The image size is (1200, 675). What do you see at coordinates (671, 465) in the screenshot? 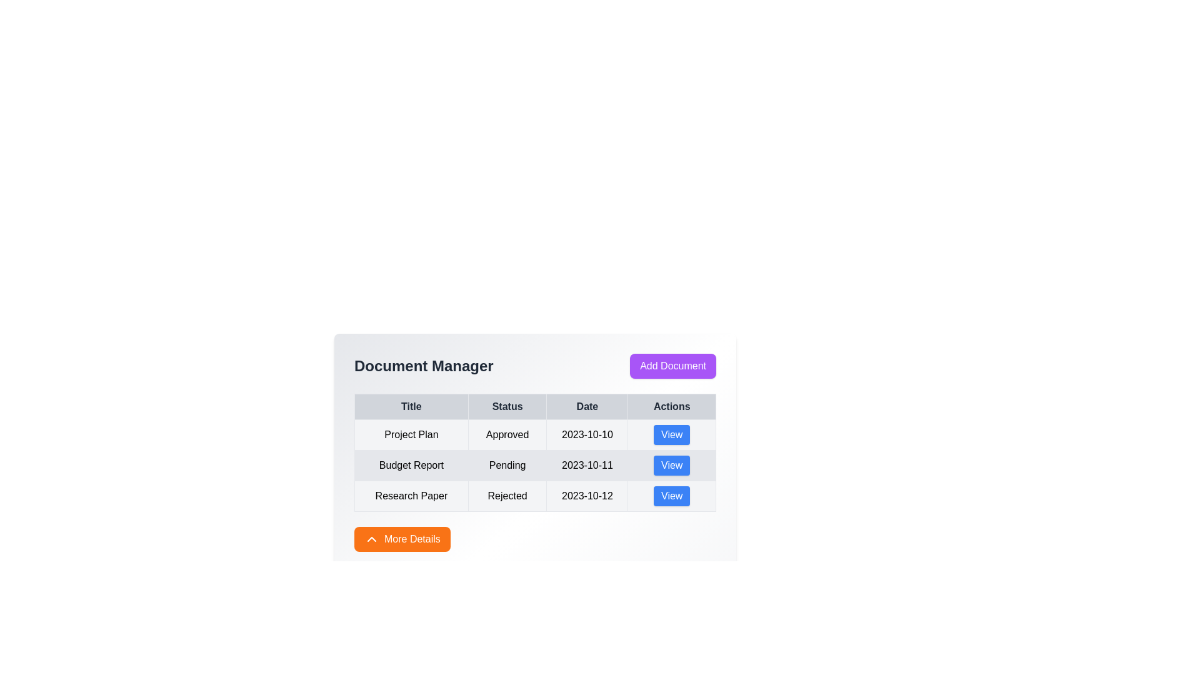
I see `the button in the last column of the second row under the 'Actions' header` at bounding box center [671, 465].